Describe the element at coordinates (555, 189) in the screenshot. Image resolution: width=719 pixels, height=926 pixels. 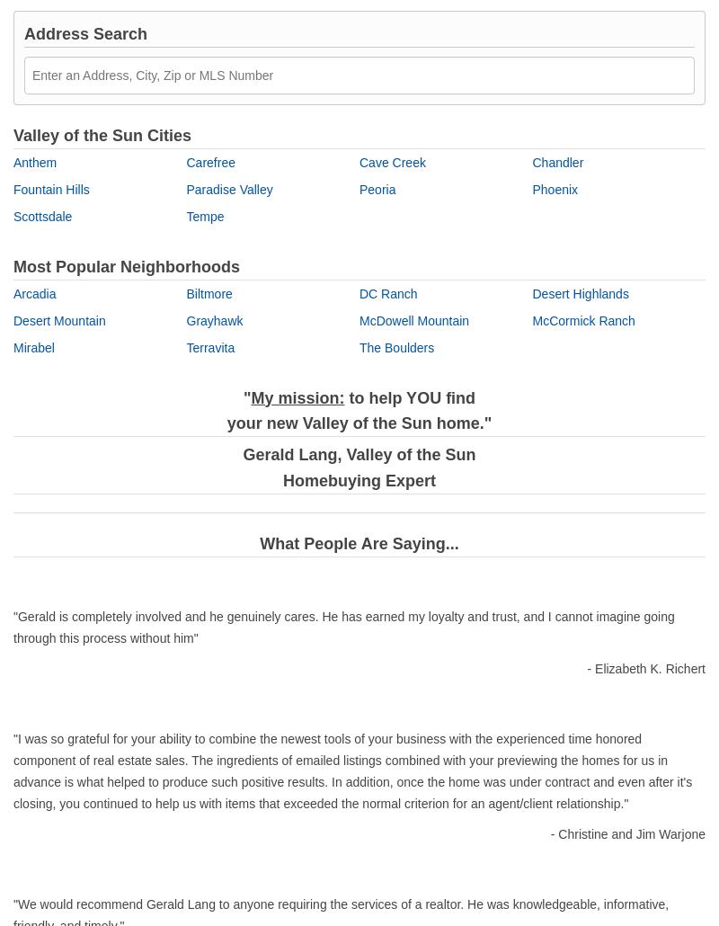
I see `'Phoenix'` at that location.